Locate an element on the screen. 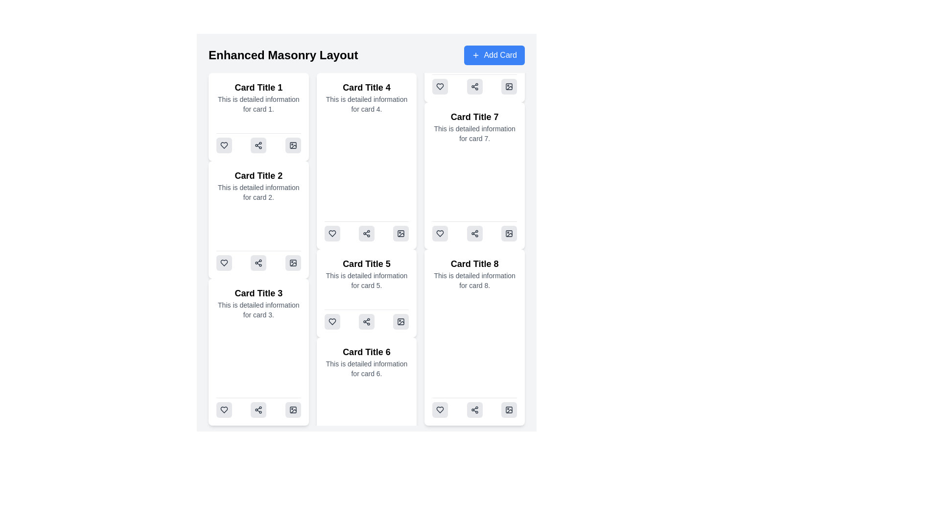  the heart-shaped button icon located at the leftmost position in the row beneath 'Card Title 1' is located at coordinates (223, 145).